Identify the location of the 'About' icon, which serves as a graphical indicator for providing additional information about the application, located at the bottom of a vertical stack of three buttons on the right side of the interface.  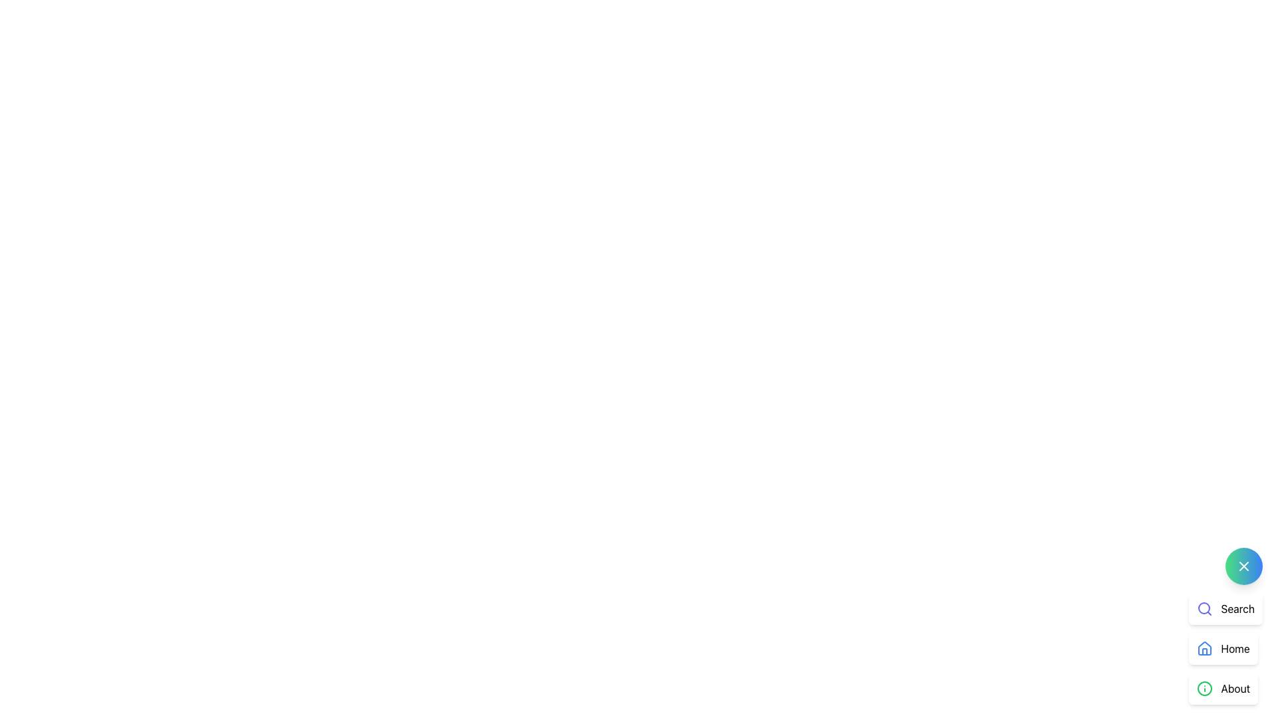
(1205, 688).